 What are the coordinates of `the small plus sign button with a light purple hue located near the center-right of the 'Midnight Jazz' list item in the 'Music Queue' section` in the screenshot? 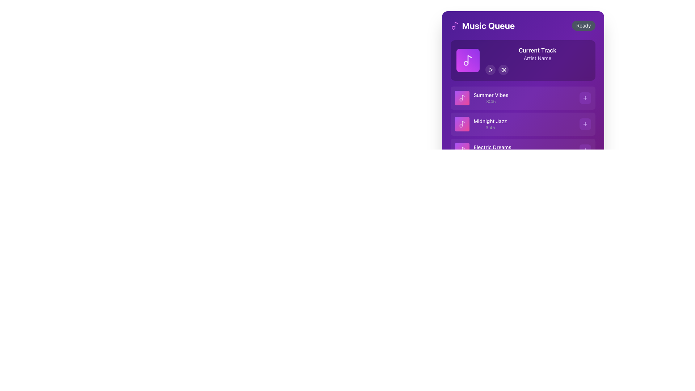 It's located at (585, 124).